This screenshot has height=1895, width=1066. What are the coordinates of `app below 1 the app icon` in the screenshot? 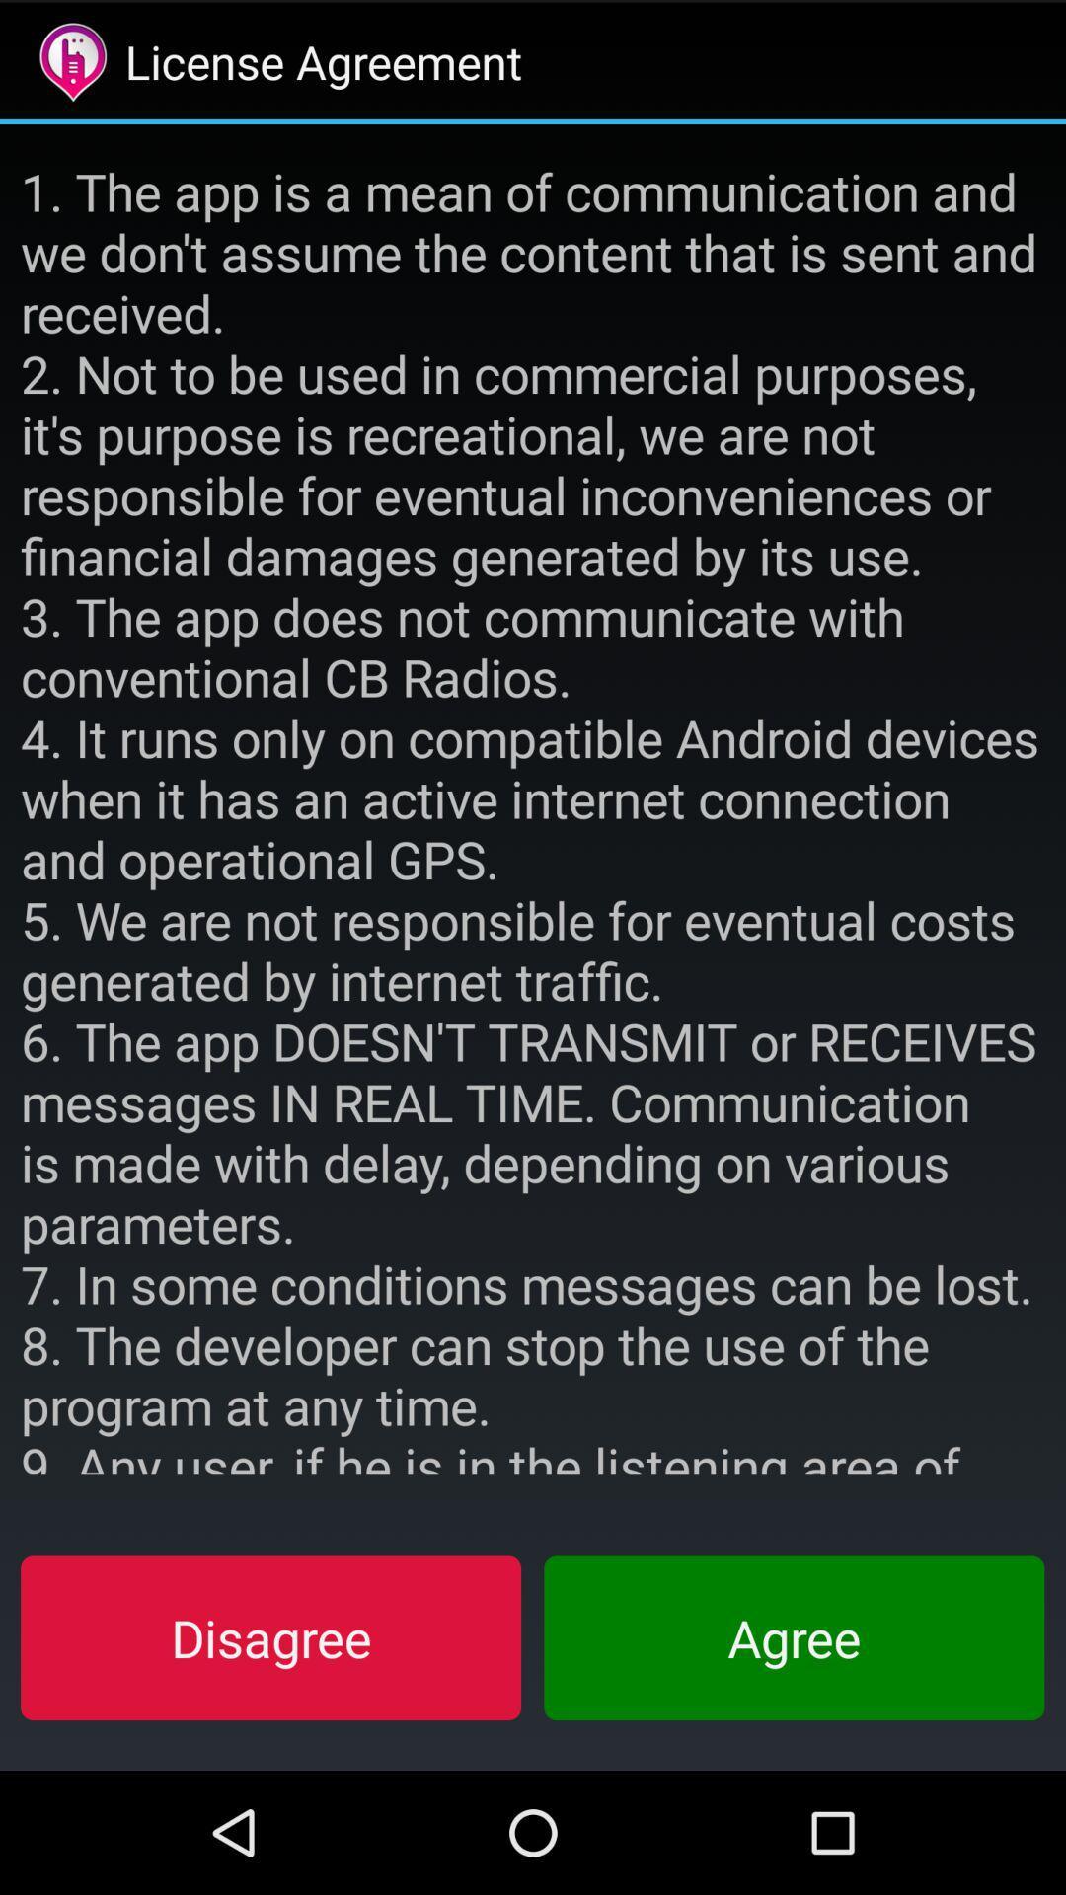 It's located at (270, 1637).